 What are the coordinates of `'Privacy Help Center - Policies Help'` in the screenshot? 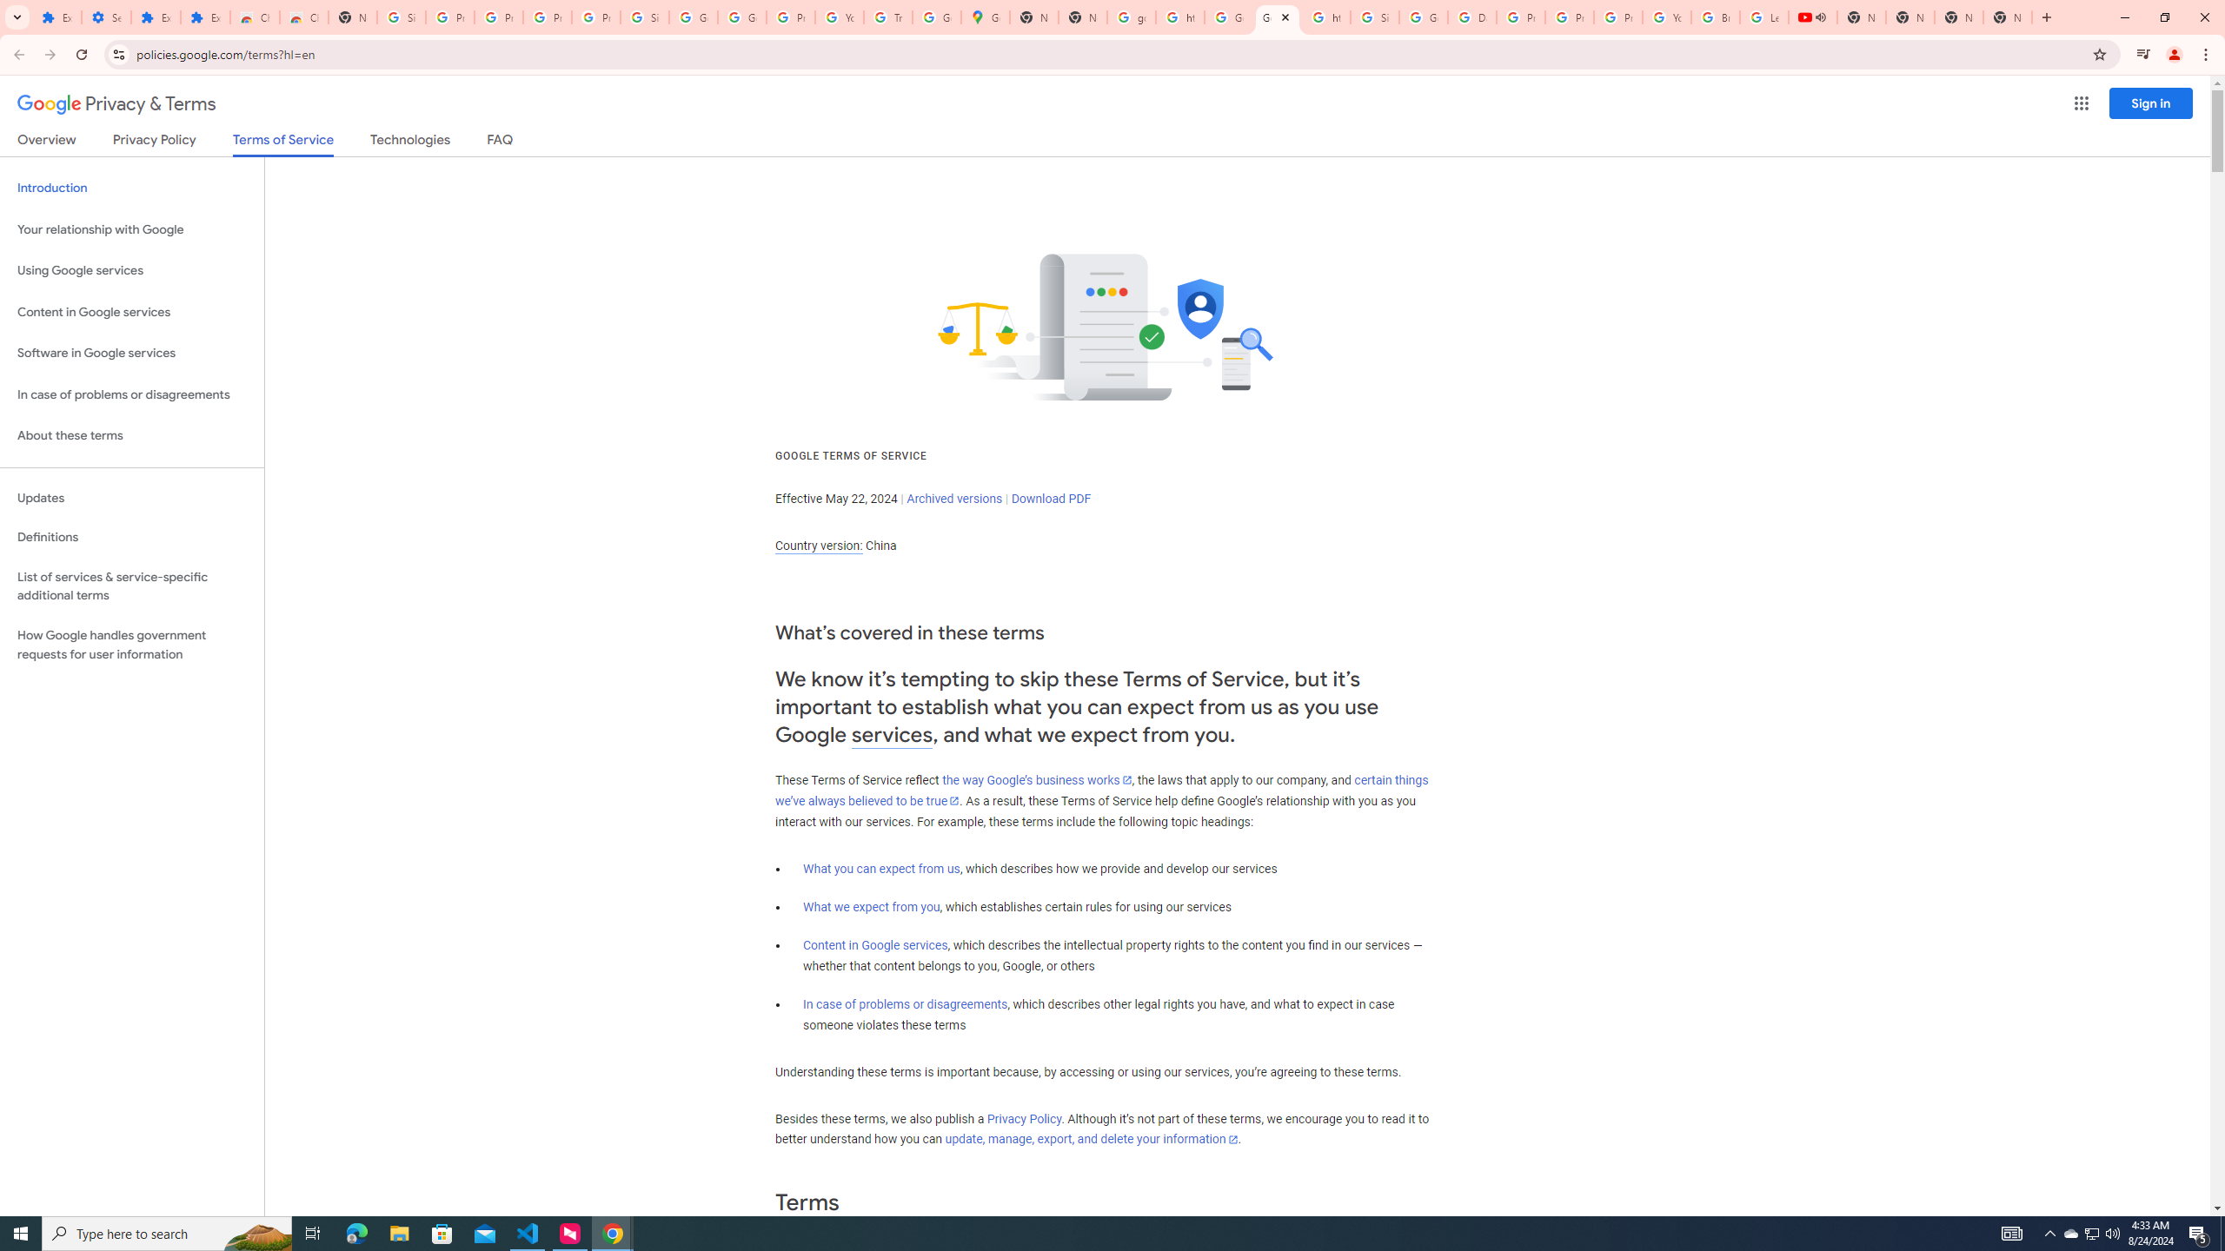 It's located at (1569, 17).